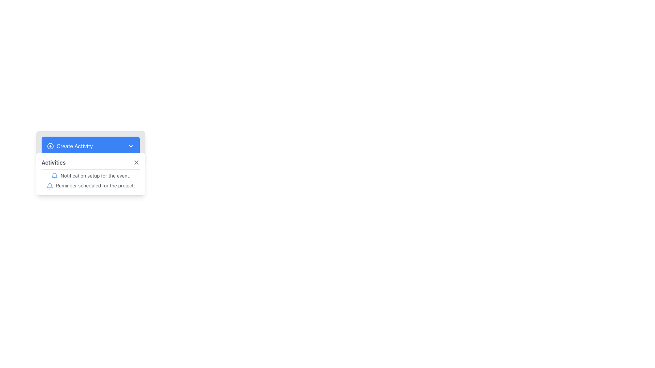 The width and height of the screenshot is (655, 368). What do you see at coordinates (136, 163) in the screenshot?
I see `the Icon button located at the rightmost edge beside the 'Activities' heading` at bounding box center [136, 163].